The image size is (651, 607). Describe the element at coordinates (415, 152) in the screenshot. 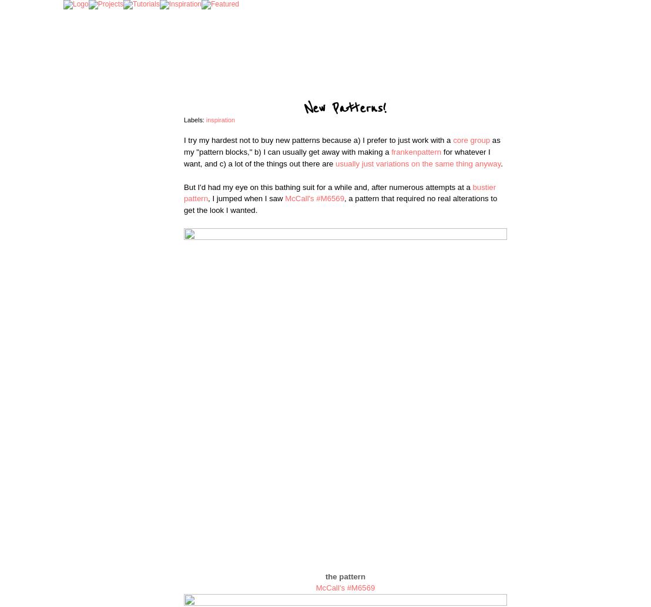

I see `'frankenpattern'` at that location.